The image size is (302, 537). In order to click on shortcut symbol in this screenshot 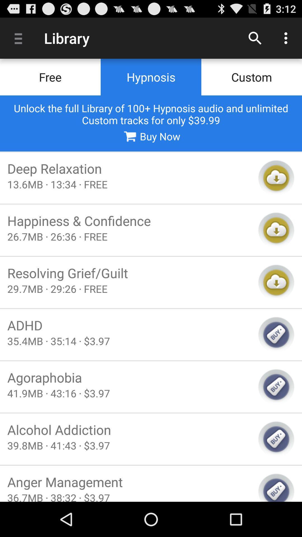, I will do `click(276, 282)`.